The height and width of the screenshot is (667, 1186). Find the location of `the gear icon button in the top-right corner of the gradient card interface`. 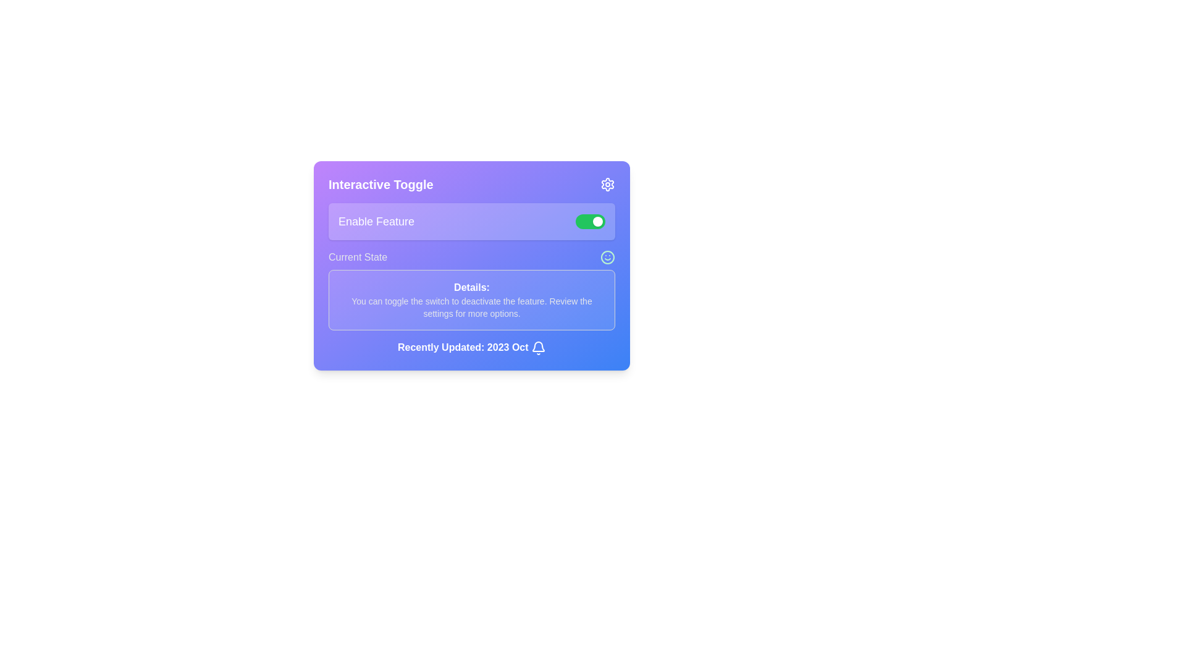

the gear icon button in the top-right corner of the gradient card interface is located at coordinates (607, 185).